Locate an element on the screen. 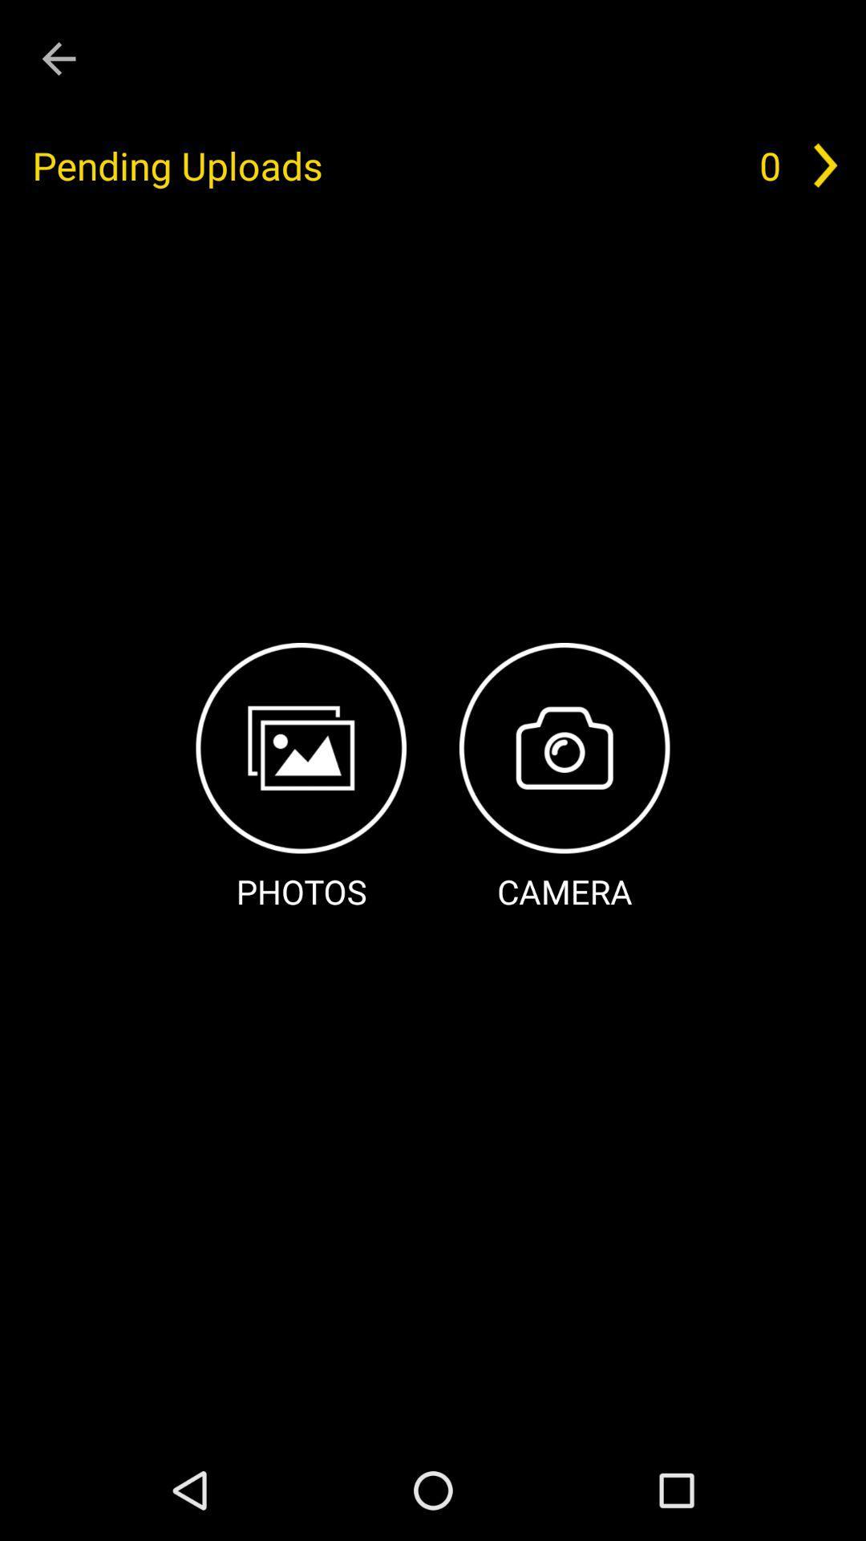 The width and height of the screenshot is (866, 1541). item below pending uploads item is located at coordinates (564, 779).